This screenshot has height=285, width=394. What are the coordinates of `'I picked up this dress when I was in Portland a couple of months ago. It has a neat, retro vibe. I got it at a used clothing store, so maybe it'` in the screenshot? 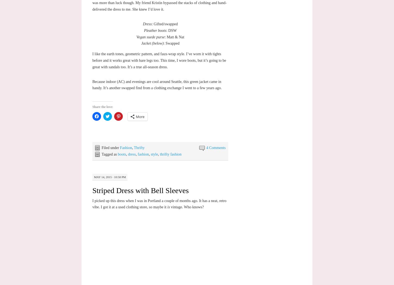 It's located at (92, 204).